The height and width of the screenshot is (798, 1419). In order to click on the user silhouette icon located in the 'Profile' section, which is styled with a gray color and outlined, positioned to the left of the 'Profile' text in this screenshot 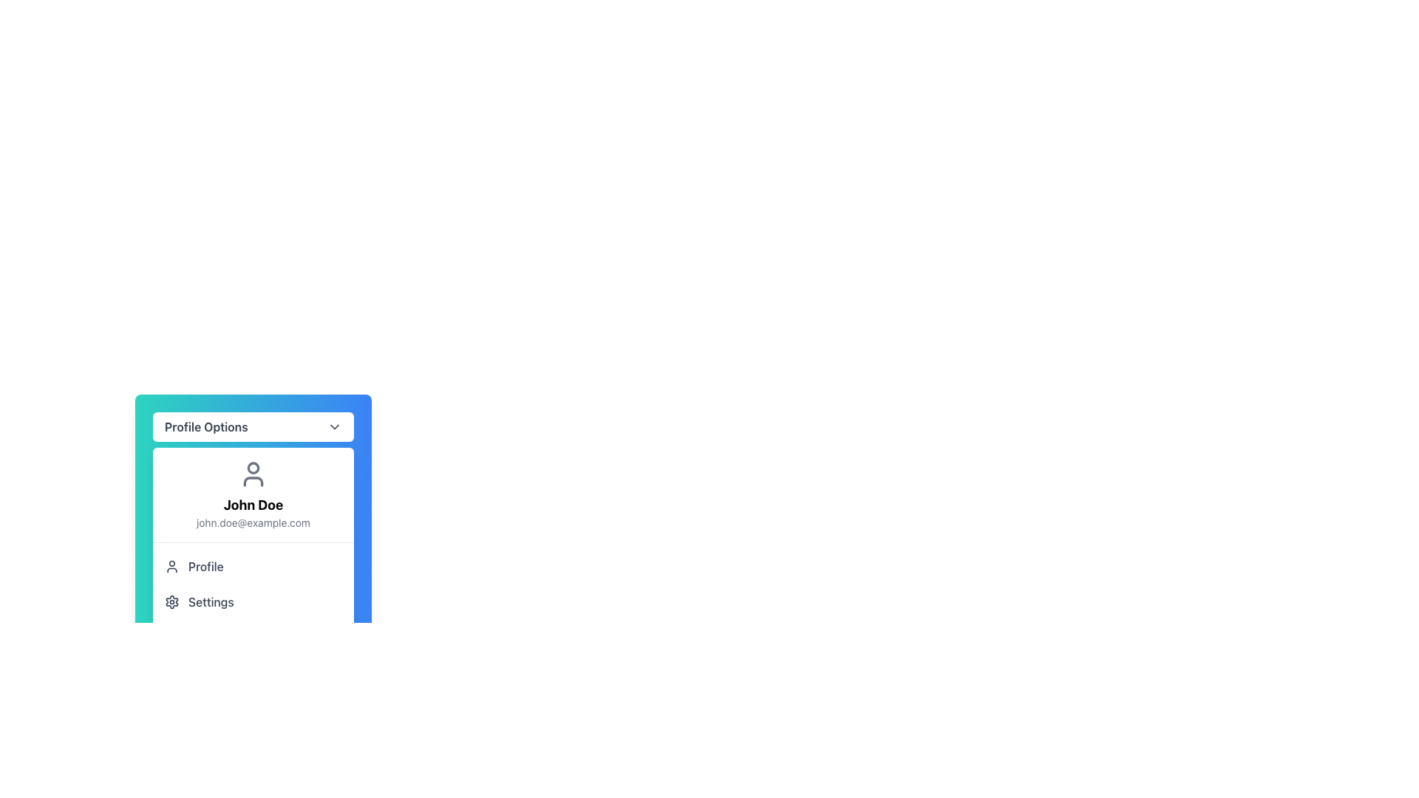, I will do `click(172, 566)`.